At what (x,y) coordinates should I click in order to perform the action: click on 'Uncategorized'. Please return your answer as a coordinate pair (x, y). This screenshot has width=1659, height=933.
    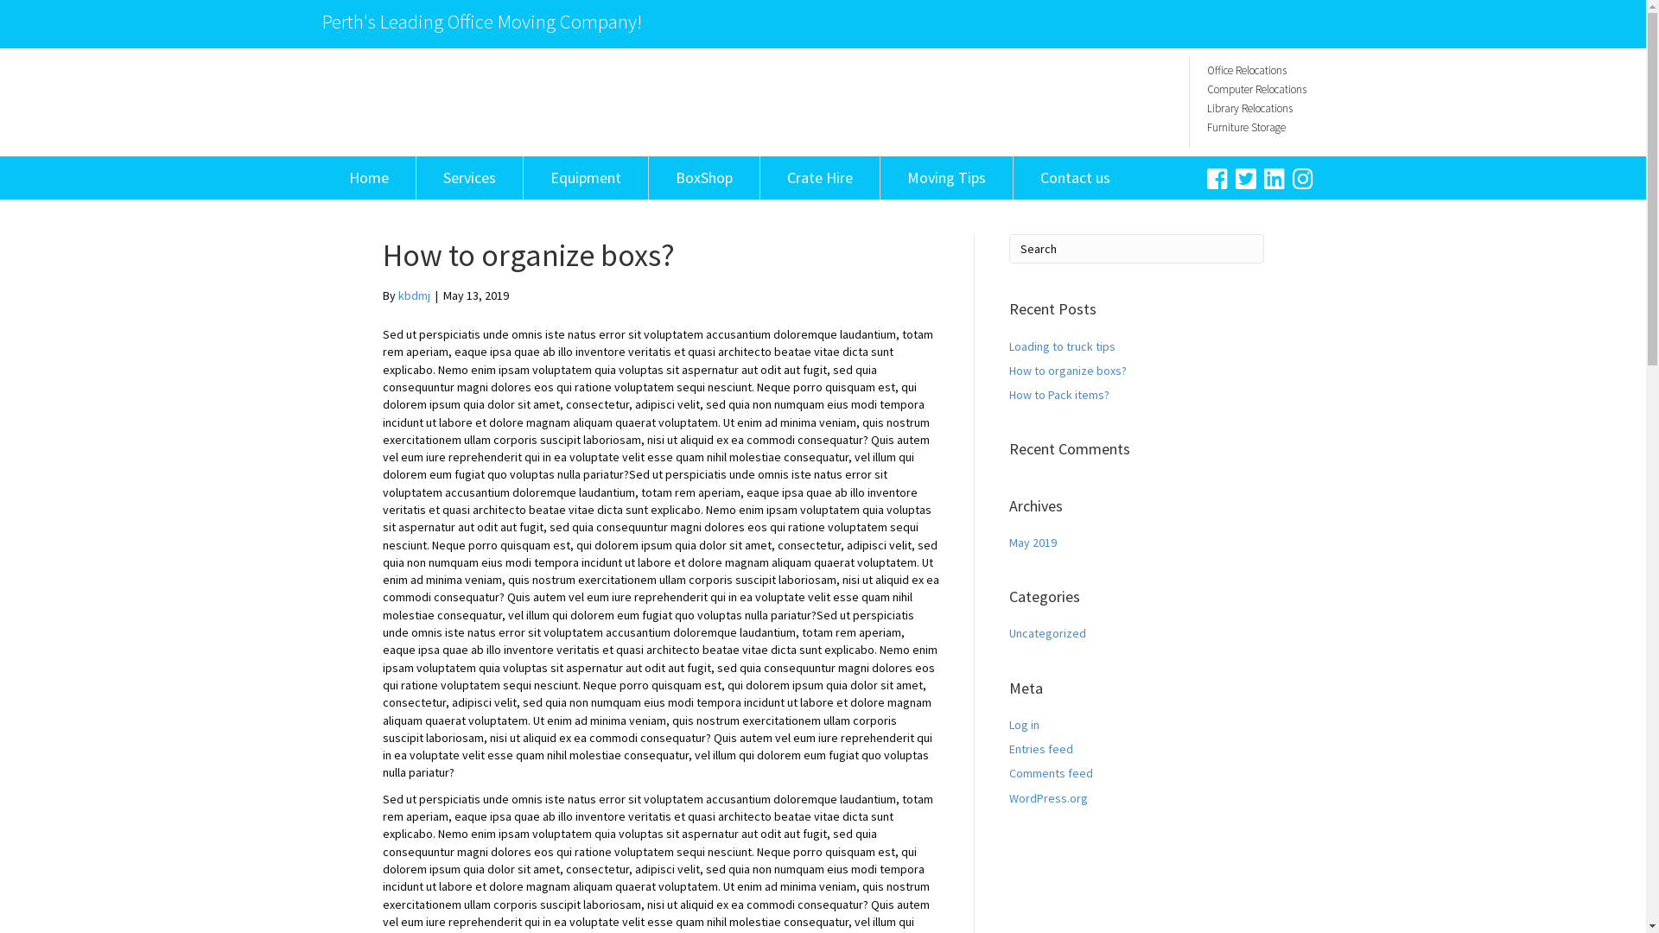
    Looking at the image, I should click on (1046, 632).